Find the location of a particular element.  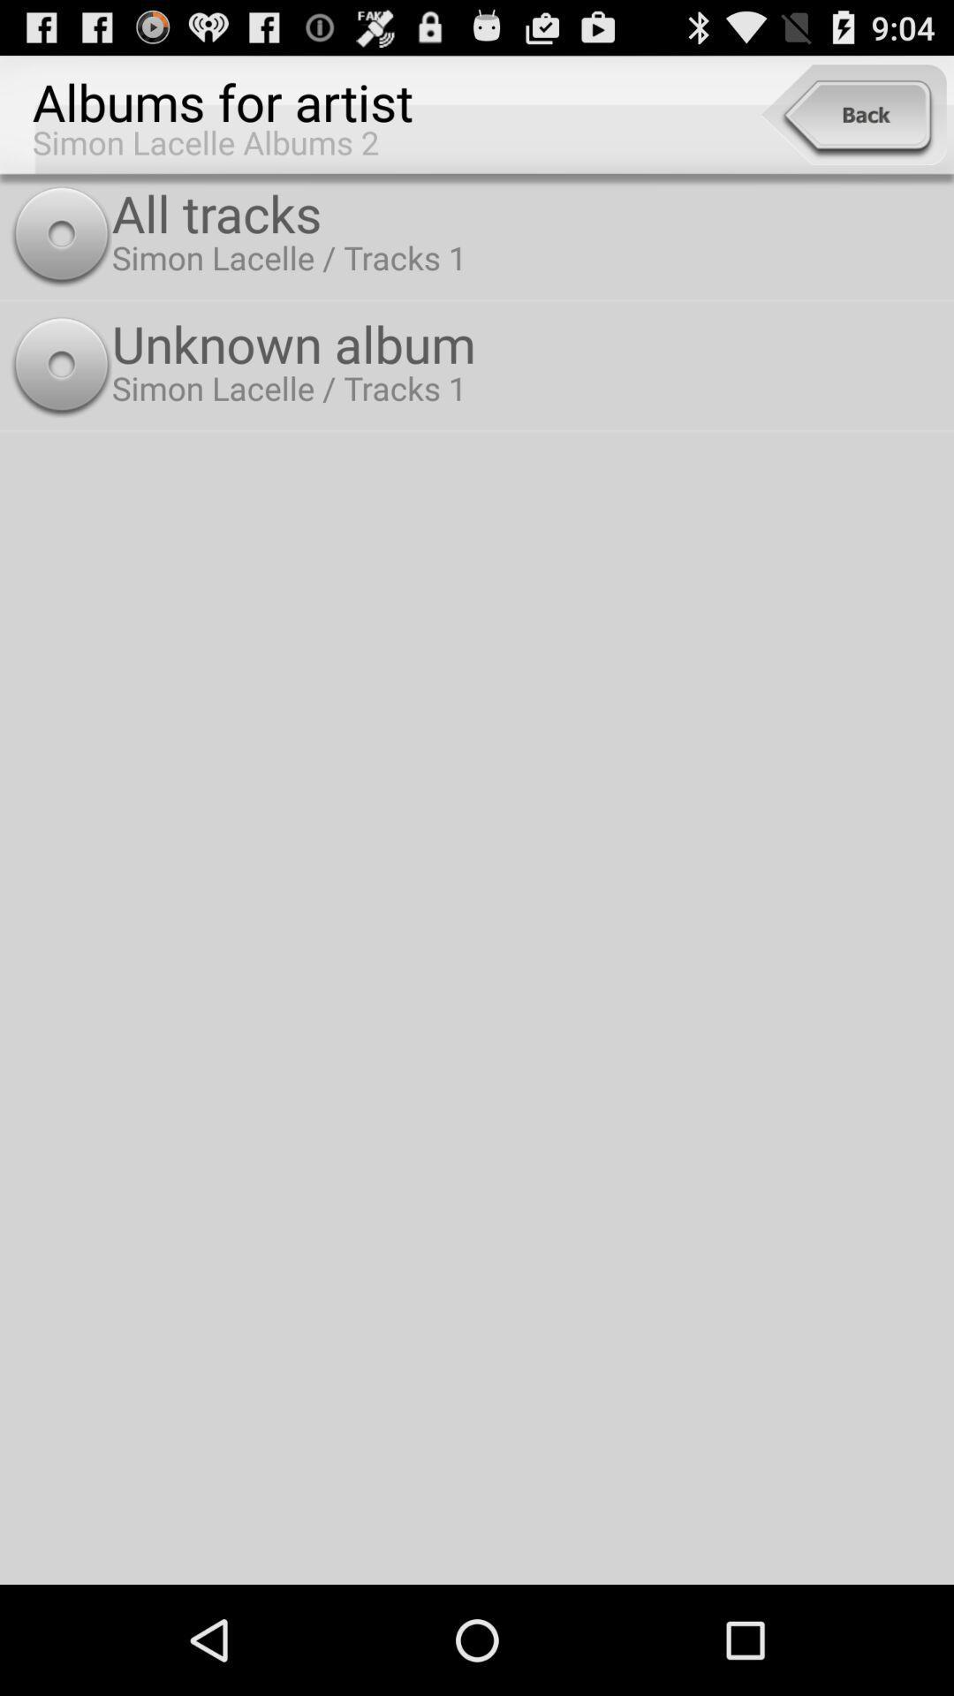

all tracks item is located at coordinates (528, 212).